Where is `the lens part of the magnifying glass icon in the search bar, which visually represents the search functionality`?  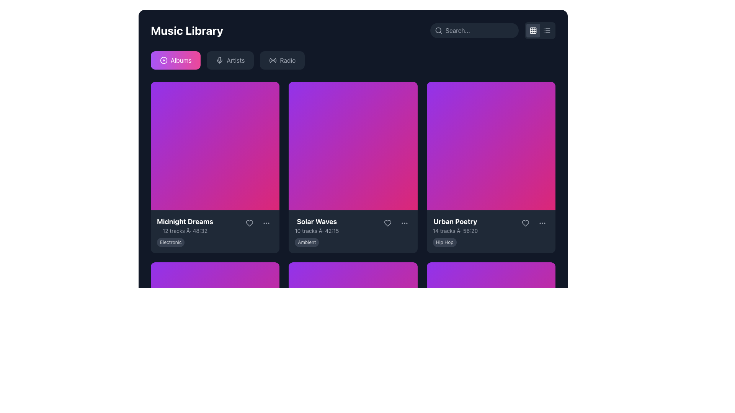 the lens part of the magnifying glass icon in the search bar, which visually represents the search functionality is located at coordinates (438, 30).